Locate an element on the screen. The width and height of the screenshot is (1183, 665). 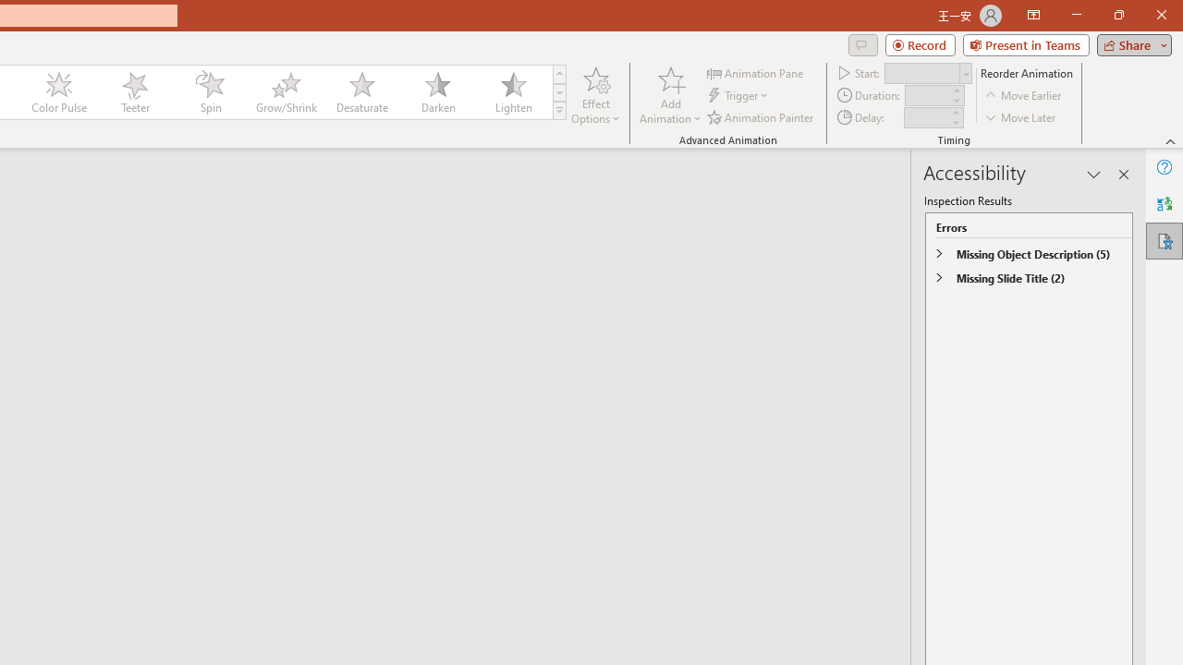
'Animation Styles' is located at coordinates (558, 111).